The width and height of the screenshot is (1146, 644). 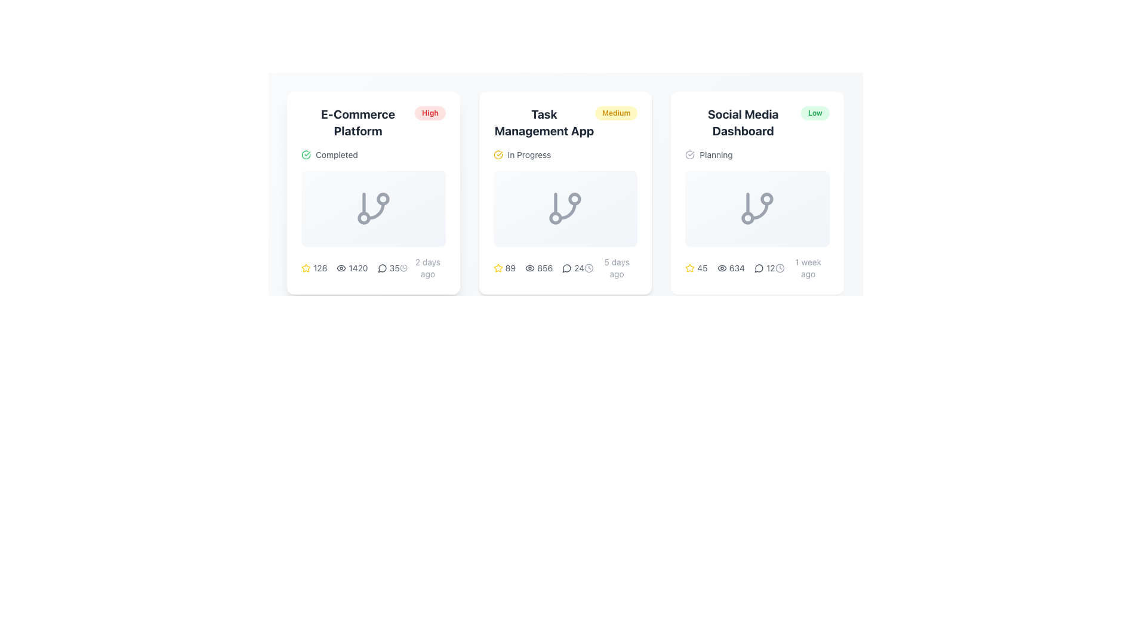 I want to click on the circular element within the clock icon, which is part of the Task Management App metrics section, located below the number of comments, so click(x=589, y=268).